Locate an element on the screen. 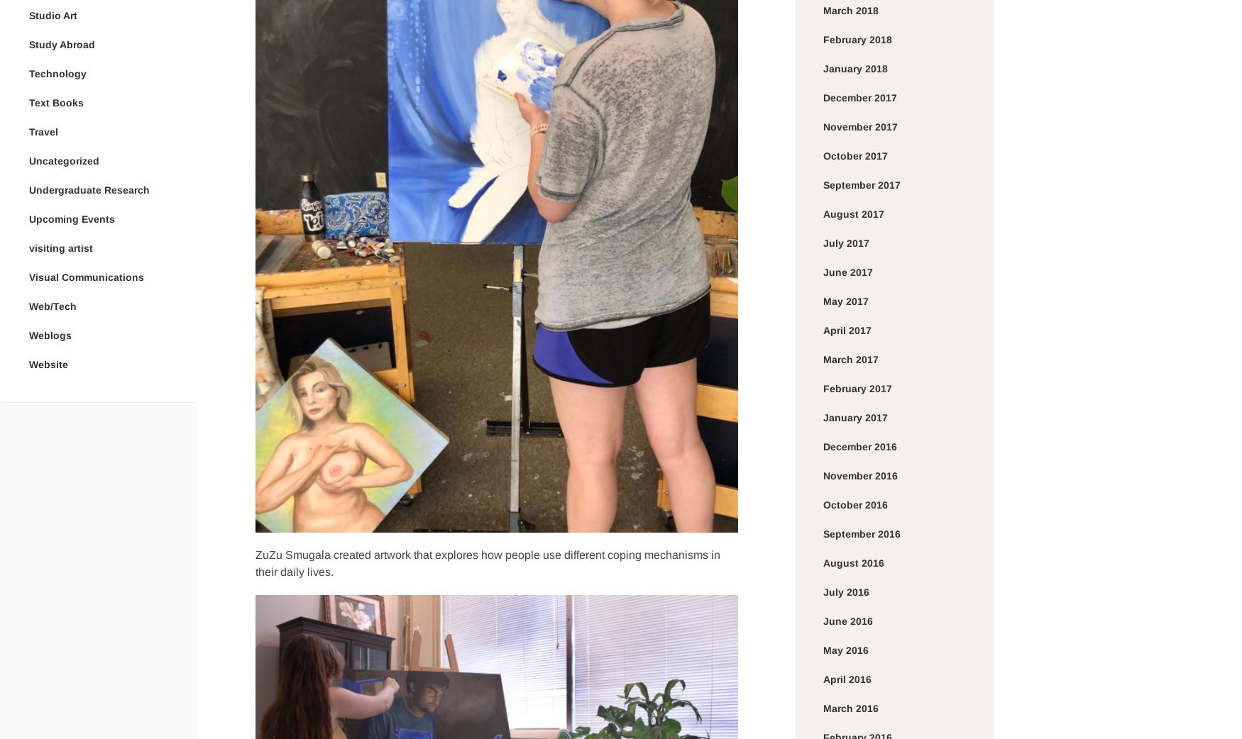  'Website' is located at coordinates (48, 363).